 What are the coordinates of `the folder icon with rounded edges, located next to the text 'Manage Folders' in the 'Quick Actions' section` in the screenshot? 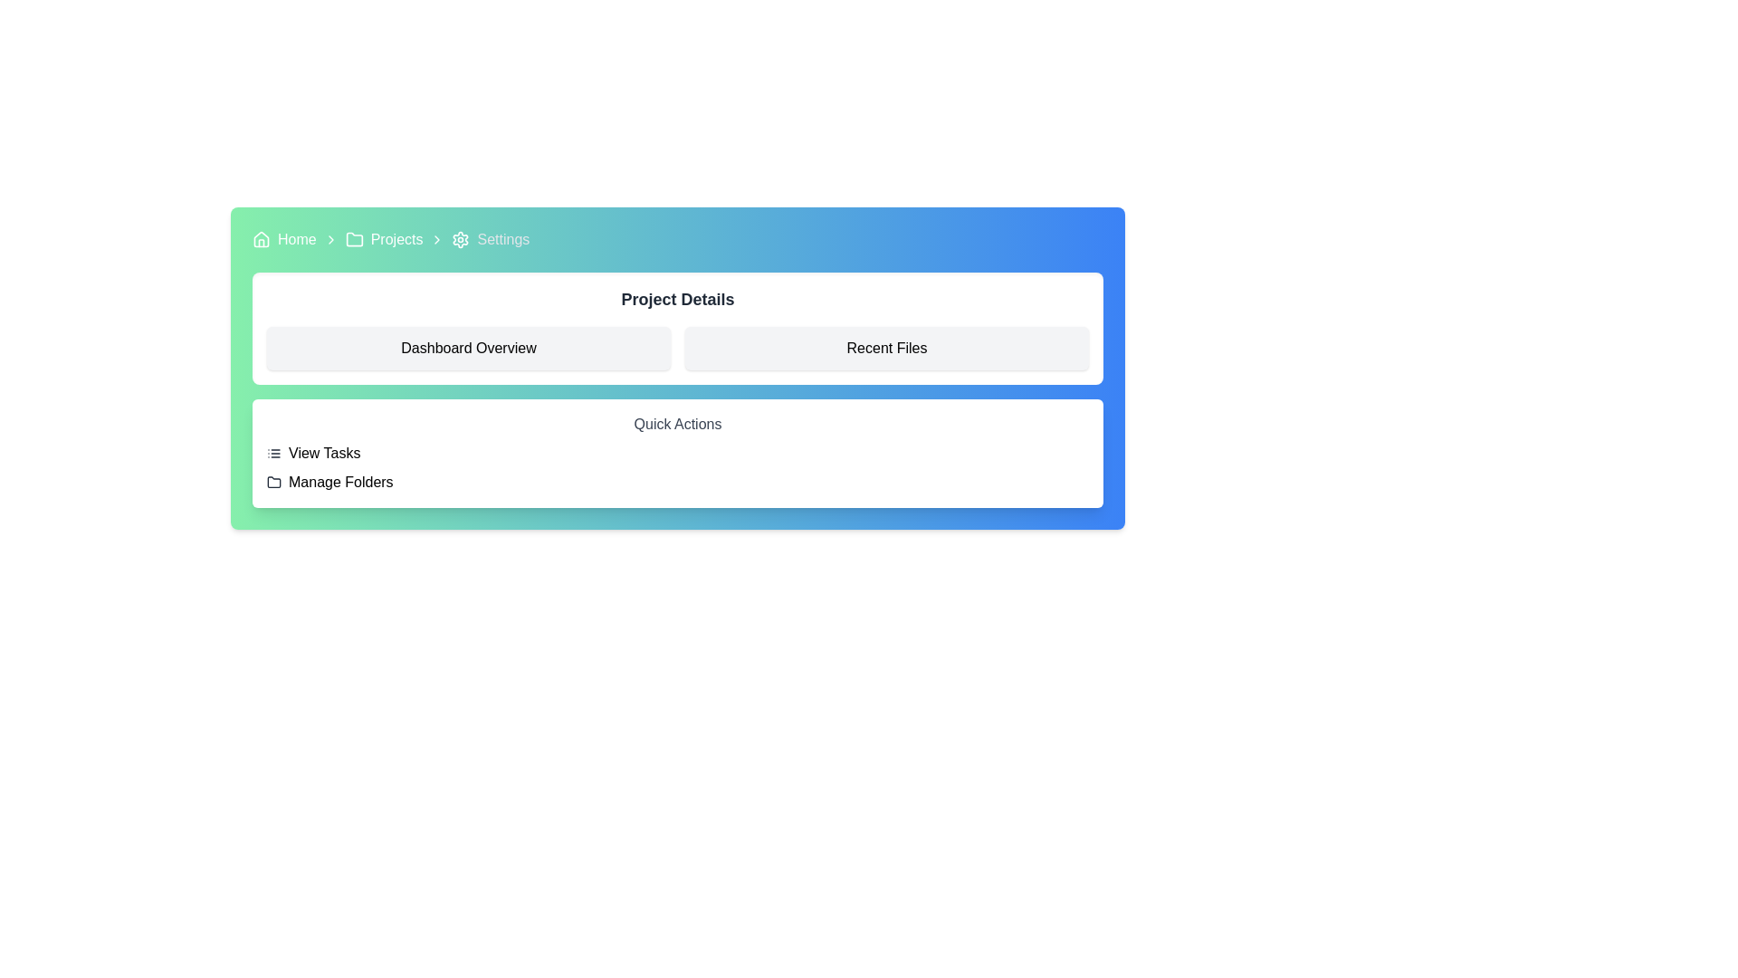 It's located at (272, 481).